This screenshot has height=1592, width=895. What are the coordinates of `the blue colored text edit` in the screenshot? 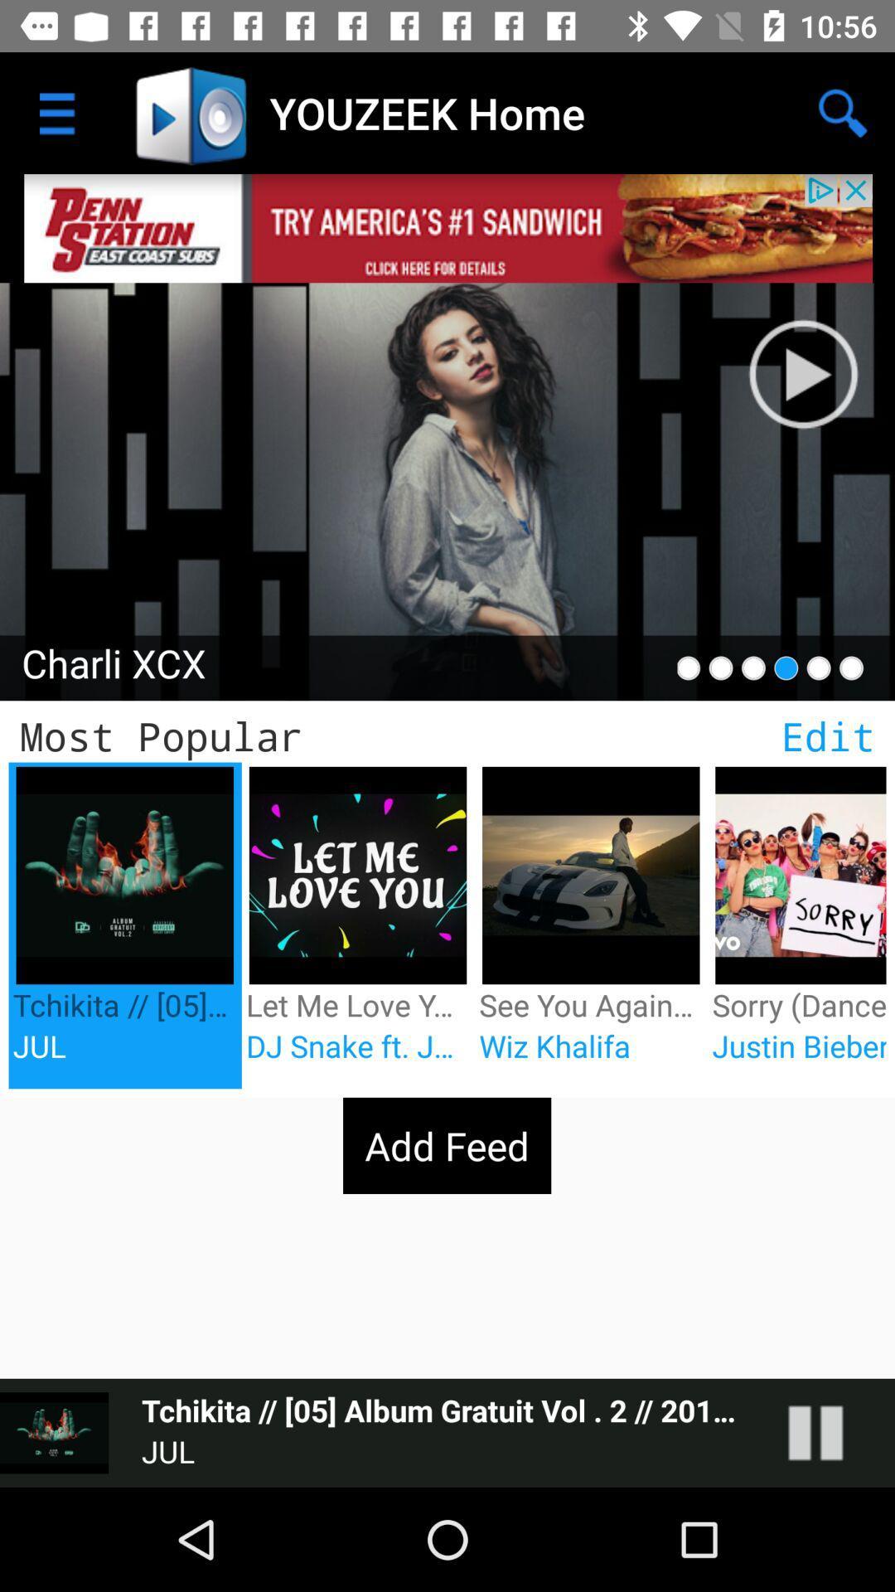 It's located at (828, 735).